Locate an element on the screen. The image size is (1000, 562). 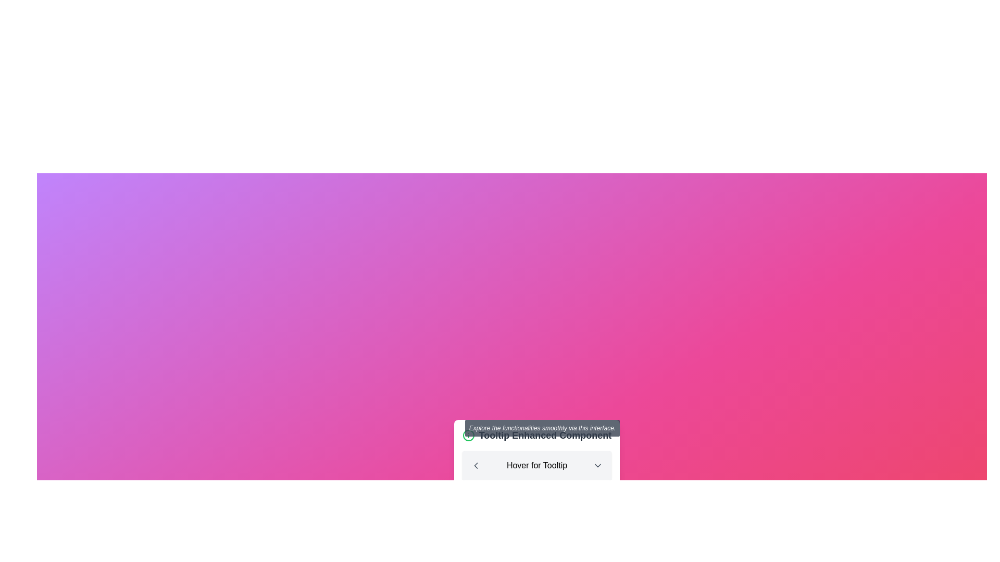
the left-pointing chevron icon button, which is gray and styled with a cursor pointer is located at coordinates (475, 465).